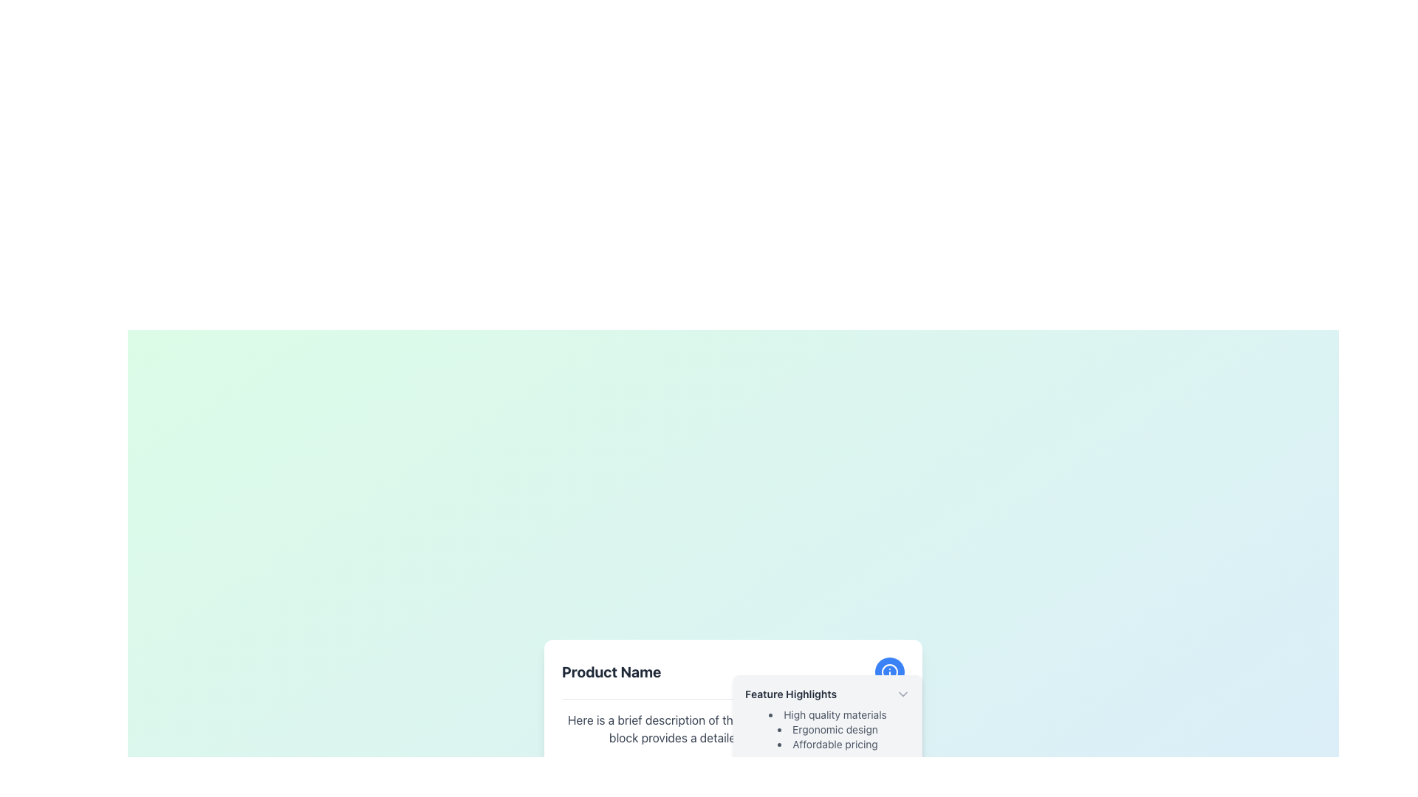 The image size is (1418, 797). Describe the element at coordinates (828, 714) in the screenshot. I see `the first bullet point text label in the 'Feature Highlights' section, which describes a feature of the product and is positioned above 'Ergonomic design' and 'Affordable pricing'` at that location.